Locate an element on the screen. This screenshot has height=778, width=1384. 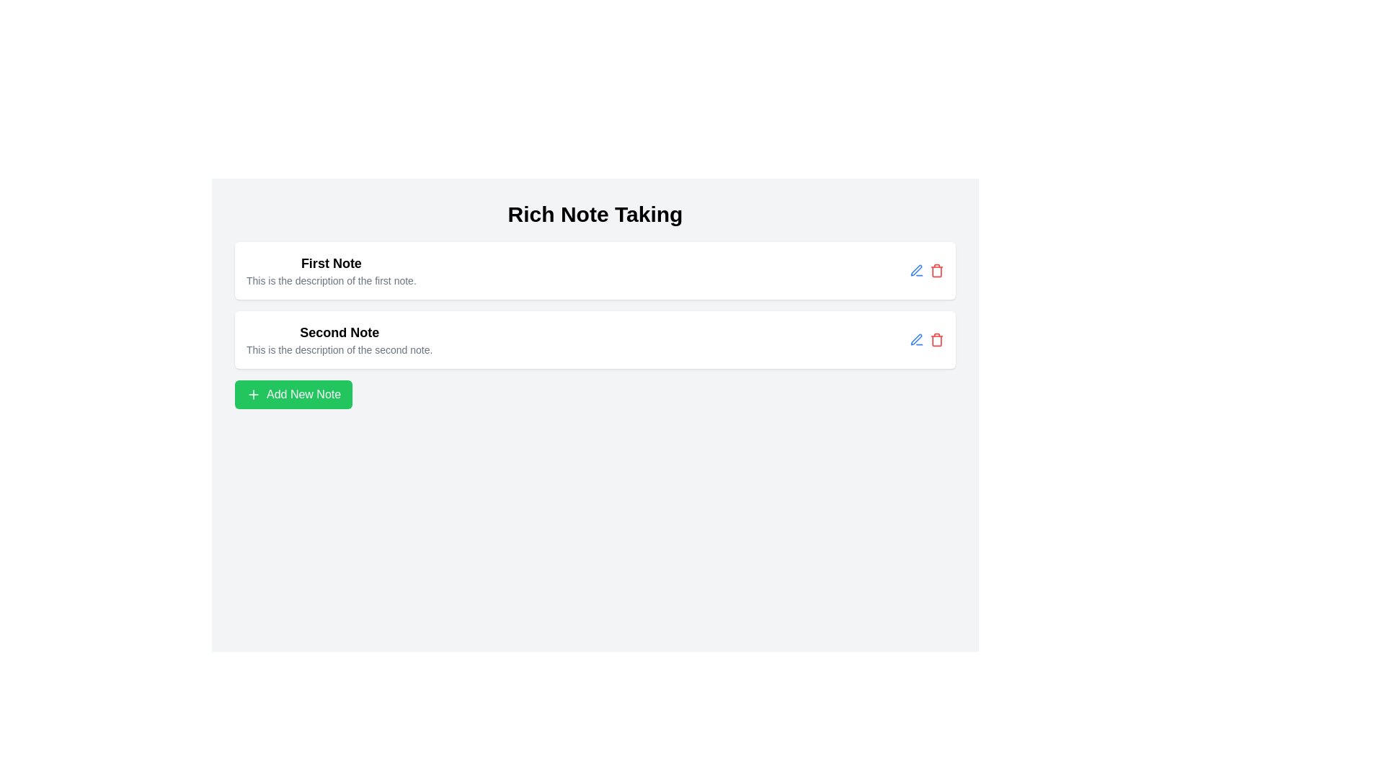
the edit button icon located in the second row of note entries, to the right of the 'Second Note' text, revealing additional information is located at coordinates (915, 270).